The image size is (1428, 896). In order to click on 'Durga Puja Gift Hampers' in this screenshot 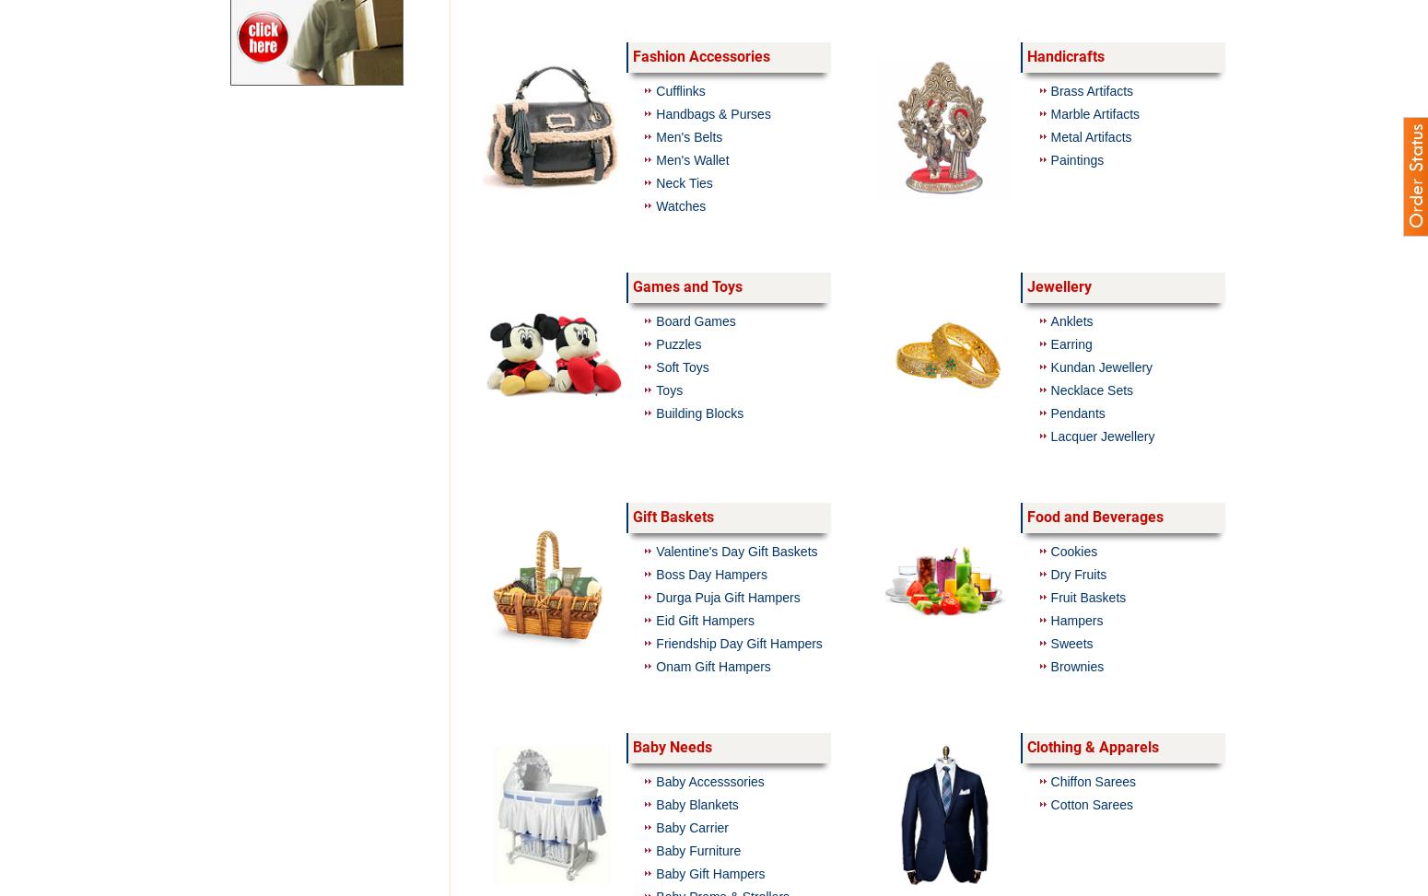, I will do `click(727, 596)`.